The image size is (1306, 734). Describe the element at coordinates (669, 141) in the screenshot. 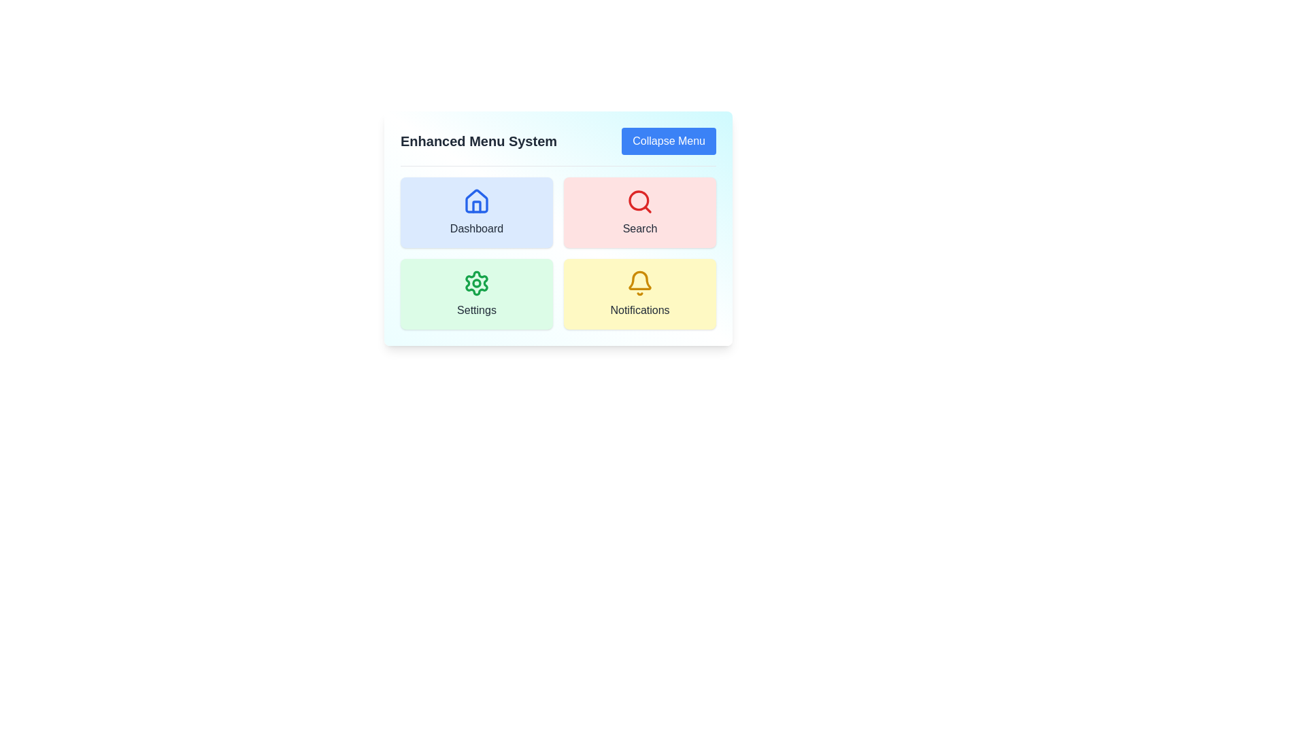

I see `the 'Collapse Menu' button, which is a rectangular button with a blue background and white text, located on the far-right side of the 'Enhanced Menu System' section` at that location.